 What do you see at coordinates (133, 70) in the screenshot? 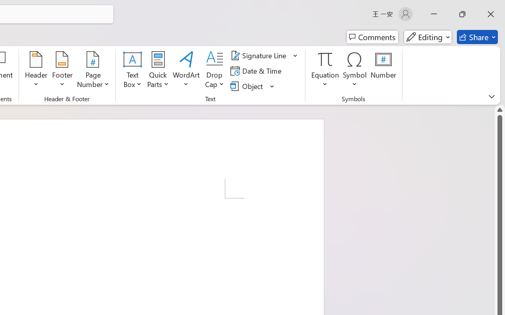
I see `'Text Box'` at bounding box center [133, 70].